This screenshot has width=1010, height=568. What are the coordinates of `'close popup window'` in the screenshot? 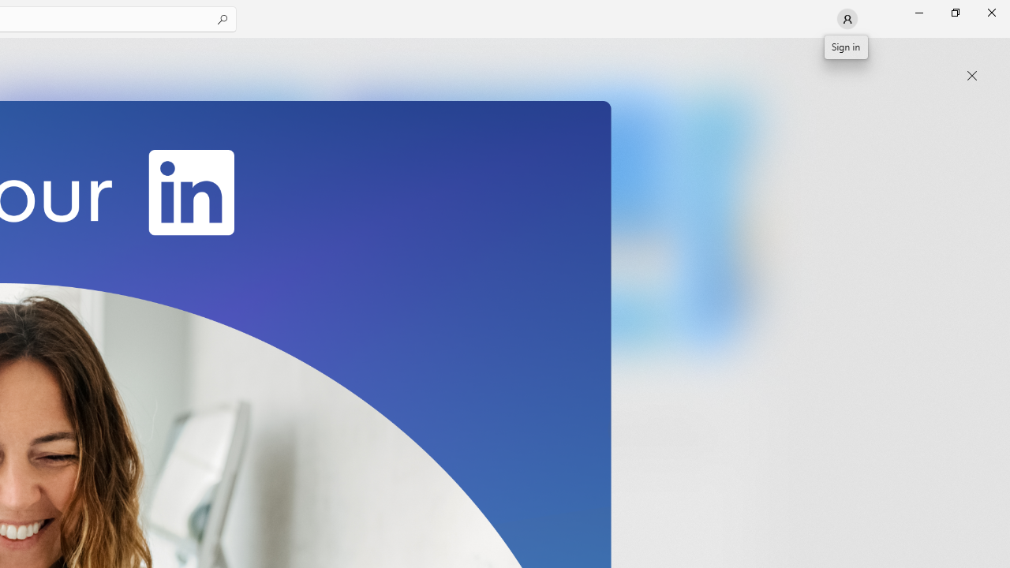 It's located at (971, 76).